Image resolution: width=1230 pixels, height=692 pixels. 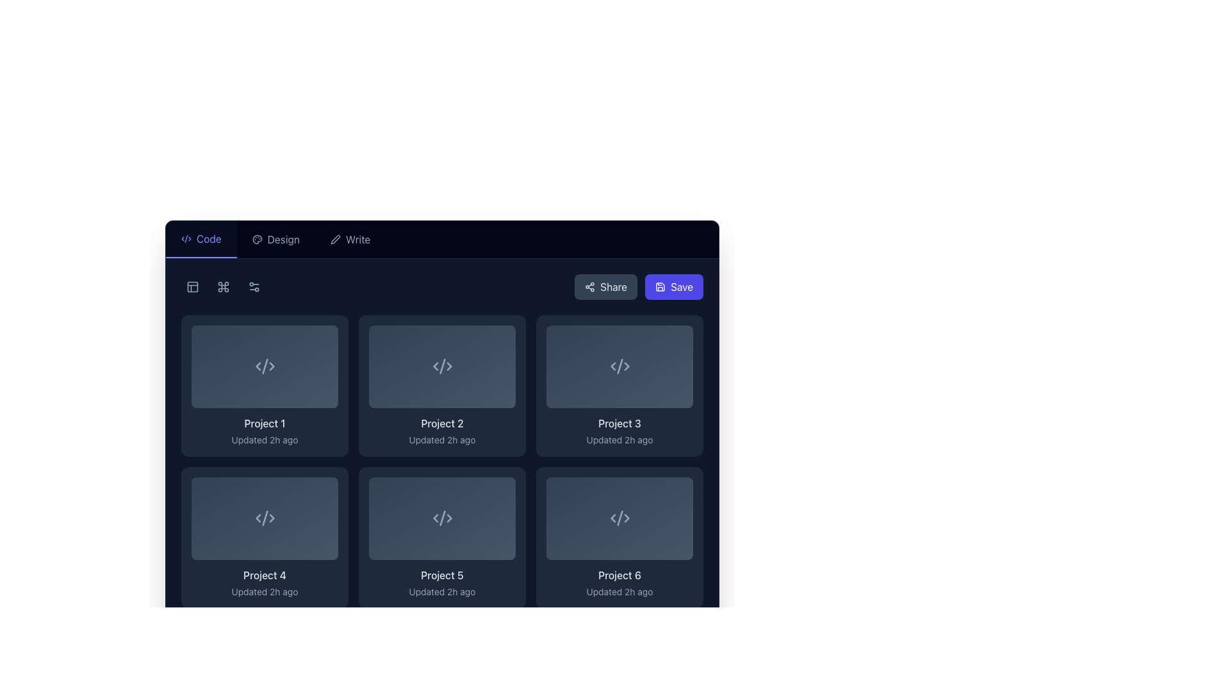 I want to click on the small square button with an icon located at the upper-right corner of the 'Project 3' card, so click(x=690, y=327).